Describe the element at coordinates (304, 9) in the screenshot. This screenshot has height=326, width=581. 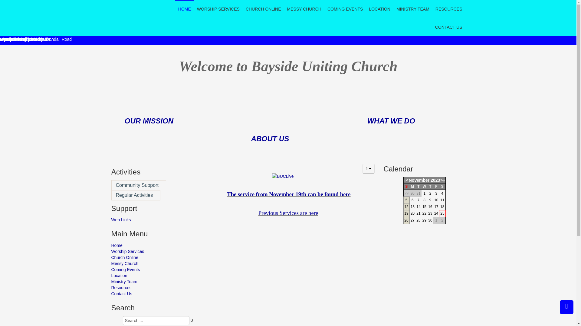
I see `'MESSY CHURCH'` at that location.